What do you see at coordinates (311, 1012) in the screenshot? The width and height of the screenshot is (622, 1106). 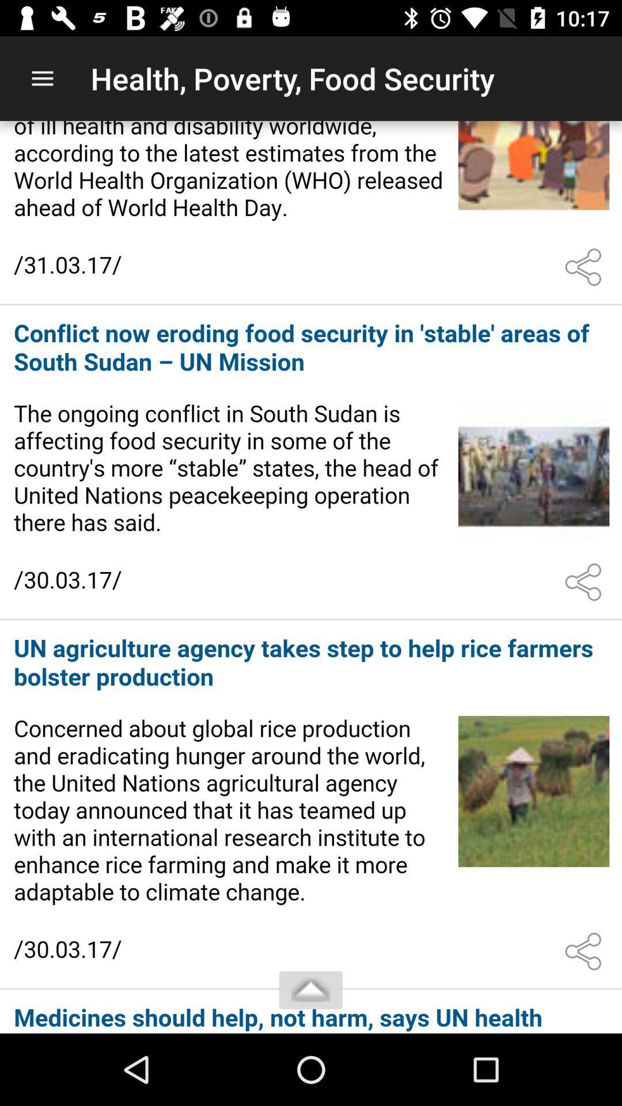 I see `the adversitement` at bounding box center [311, 1012].